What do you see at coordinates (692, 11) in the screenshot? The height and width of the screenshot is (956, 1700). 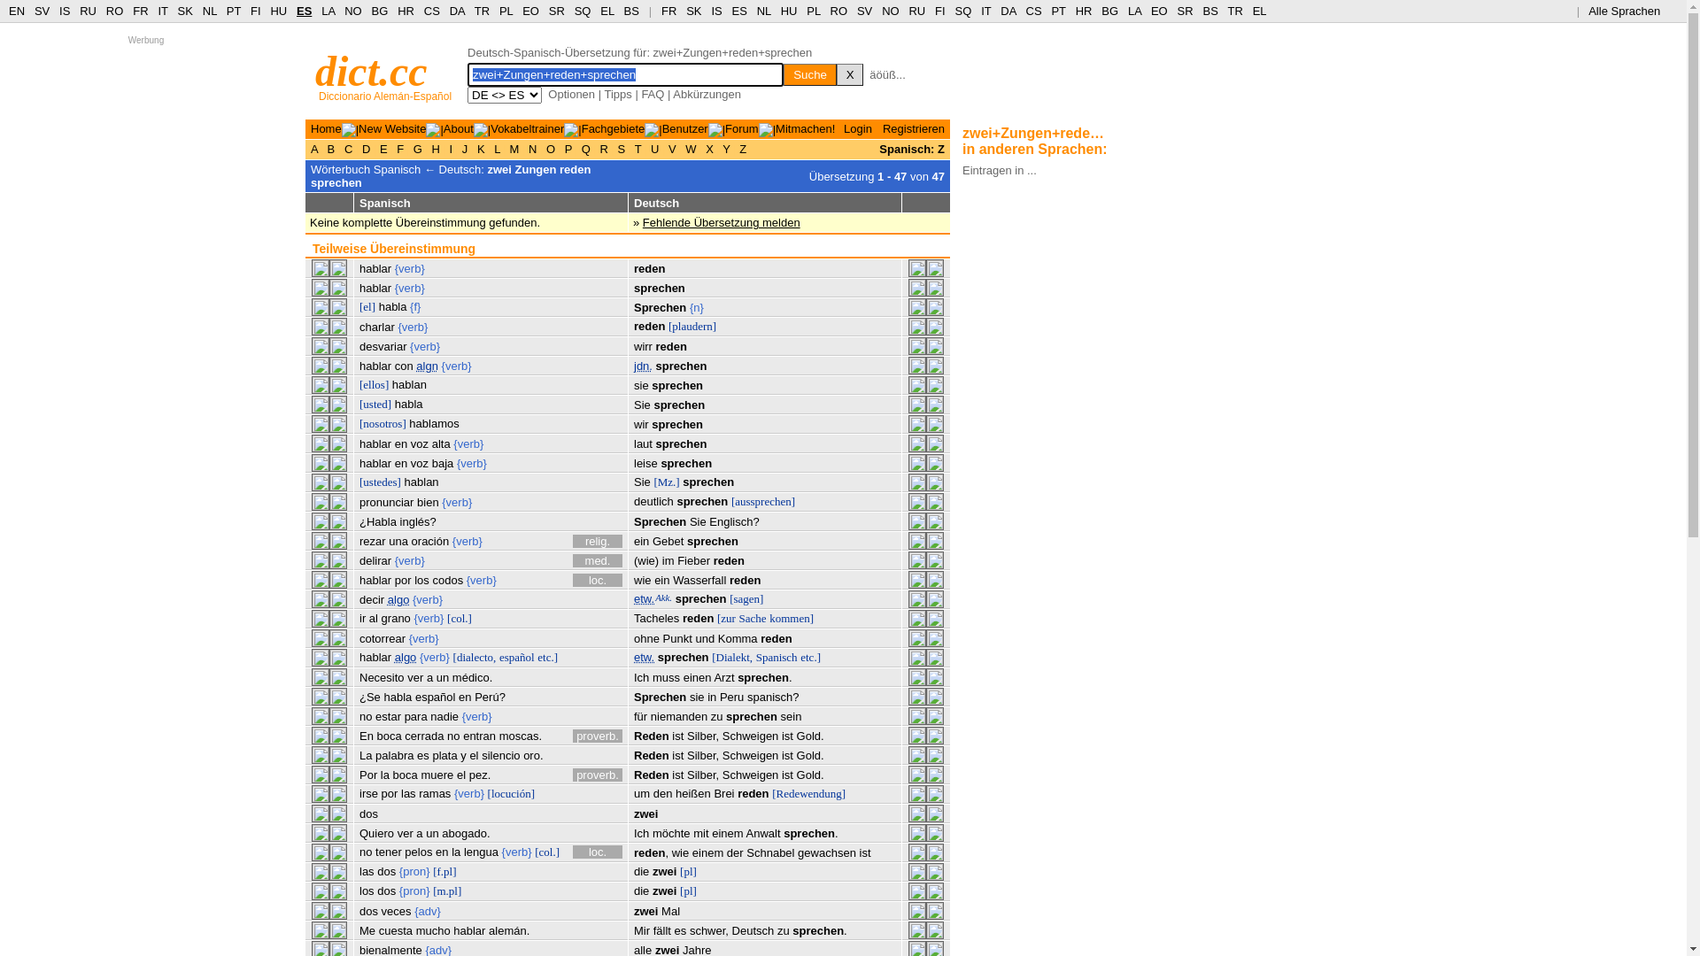 I see `'SK'` at bounding box center [692, 11].